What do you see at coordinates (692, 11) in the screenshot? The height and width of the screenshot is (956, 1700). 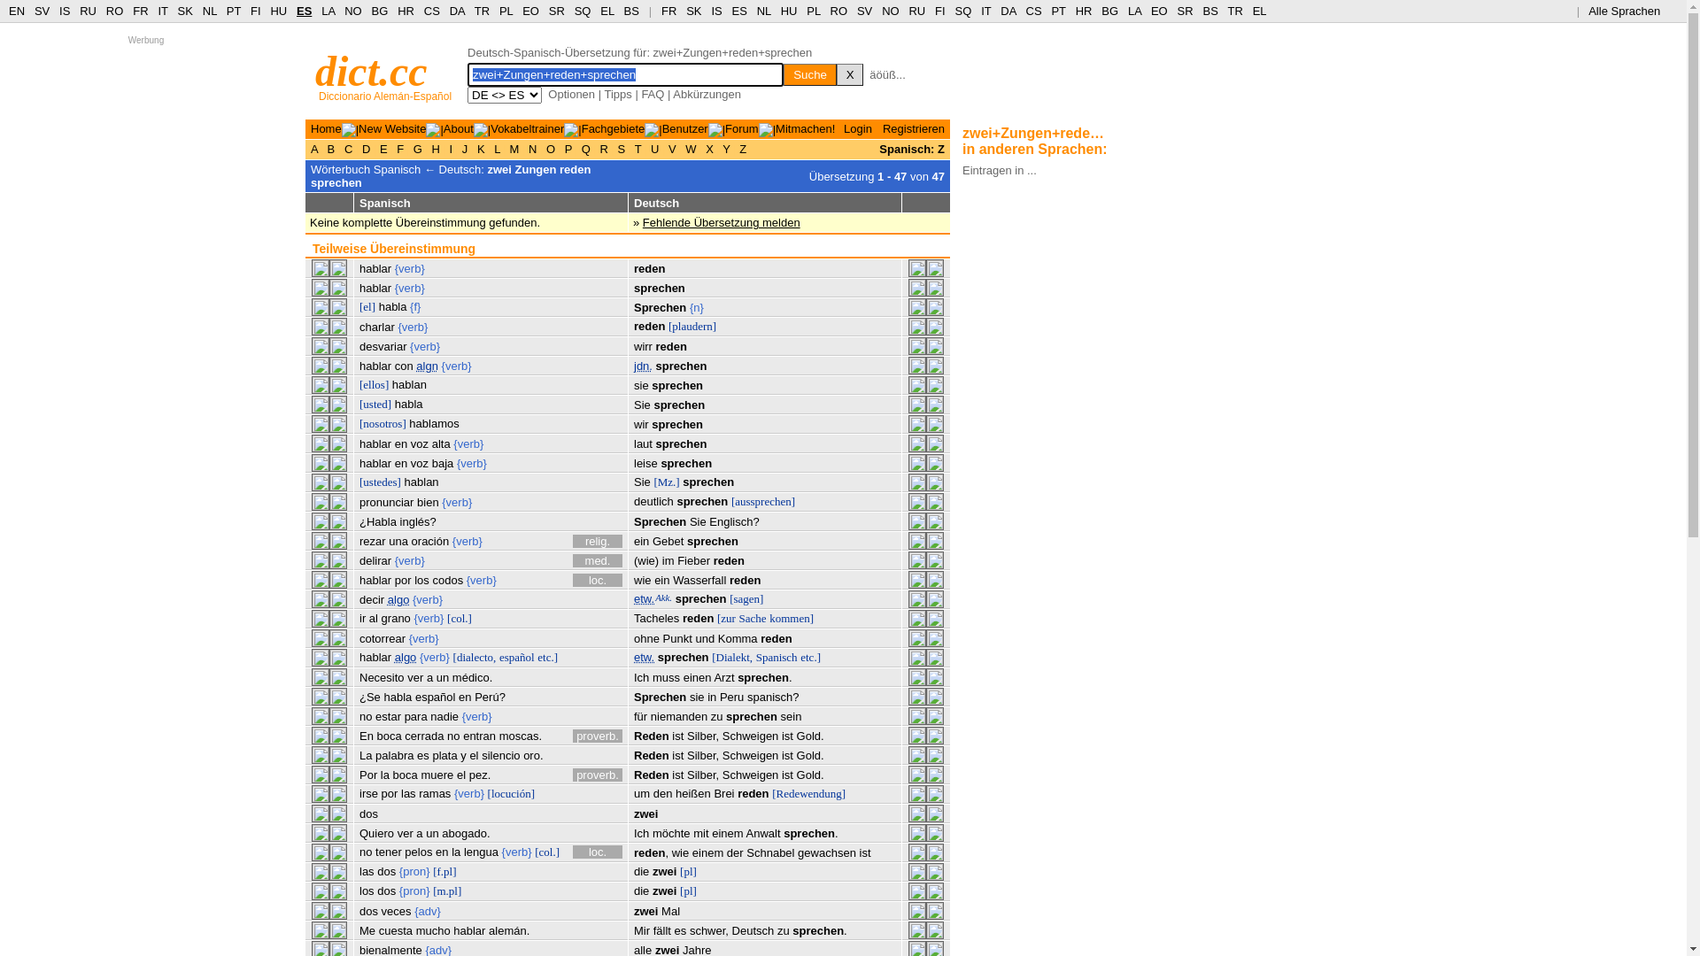 I see `'SK'` at bounding box center [692, 11].